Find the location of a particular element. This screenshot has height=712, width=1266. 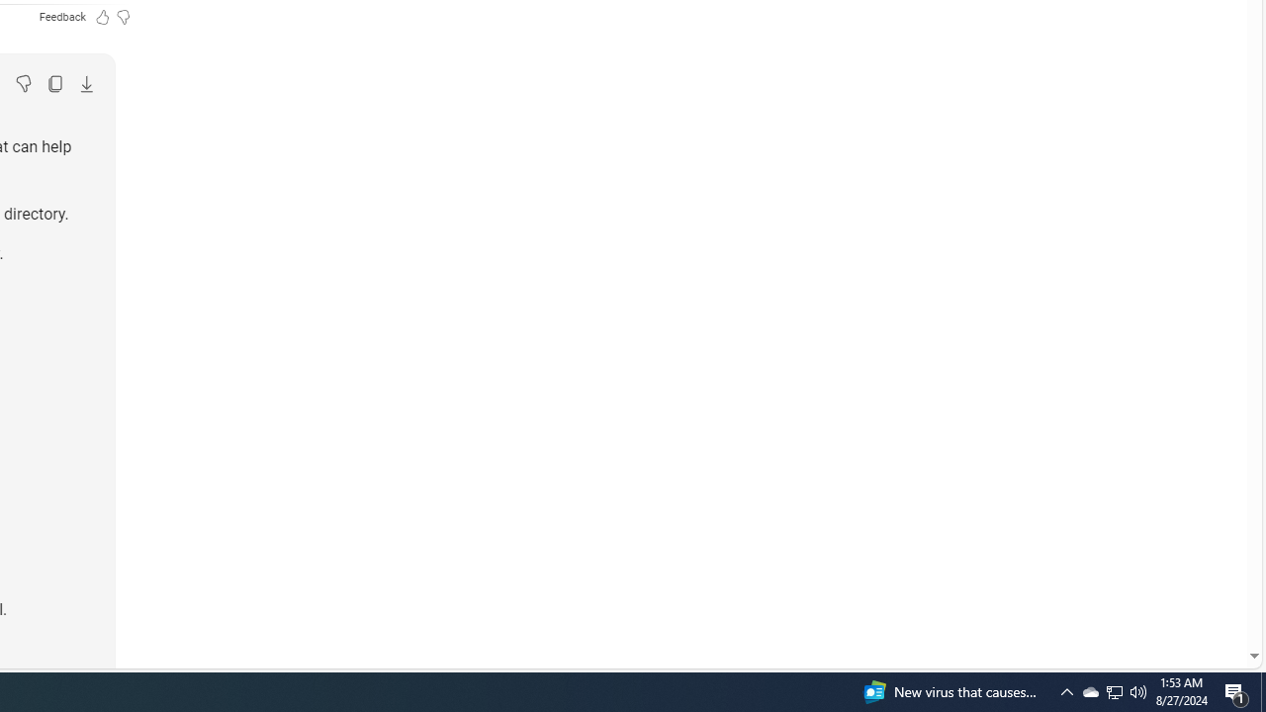

'Feedback Like' is located at coordinates (101, 16).